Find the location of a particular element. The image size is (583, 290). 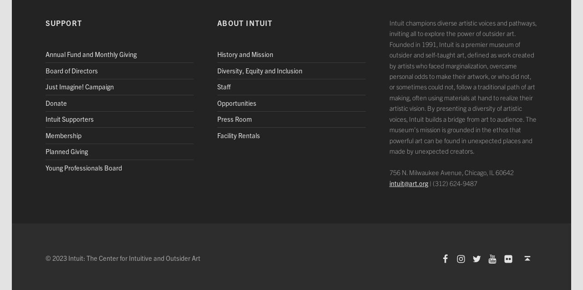

'Intuit champions diverse artistic voices and pathways, inviting all to explore the power of outsider art. Founded in 1991, Intuit is a premier museum of outsider and self-taught art, defined as work created by artists who faced marginalization, overcame personal odds to make their artwork, or who did not, or sometimes could not, follow a traditional path of art making, often using materials at hand to realize their artistic vision. By presenting a diversity of artistic voices, Intuit builds a bridge from art to audience. The museum’s mission is grounded in the ethos that powerful art can be found in unexpected places and made by unexpected creators.' is located at coordinates (462, 86).